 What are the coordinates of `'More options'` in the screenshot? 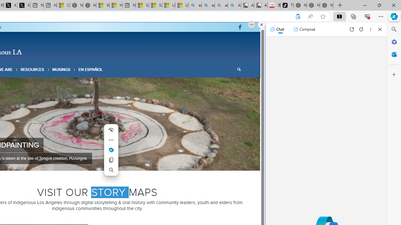 It's located at (370, 29).